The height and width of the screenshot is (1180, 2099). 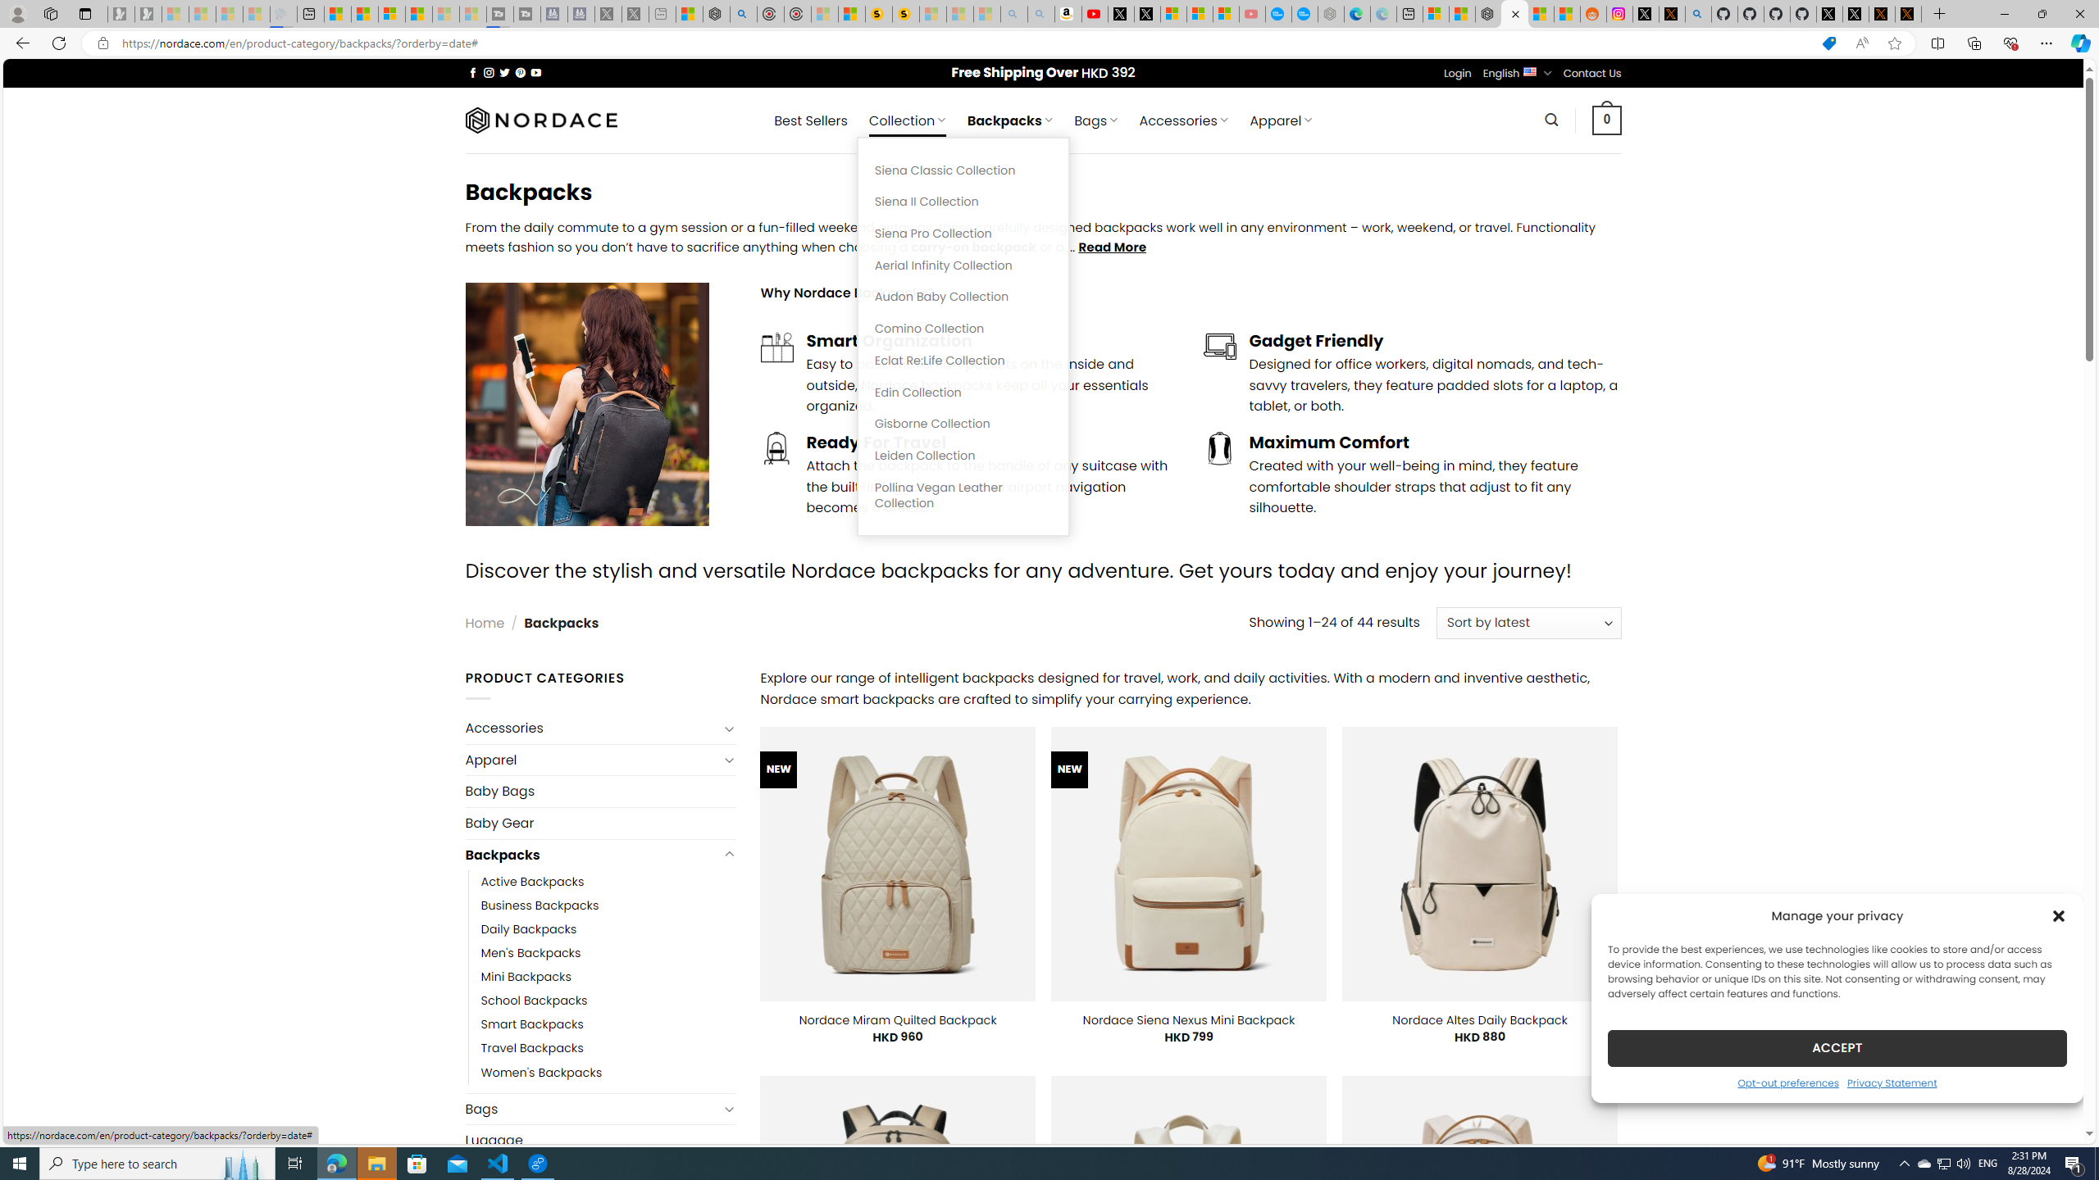 I want to click on 'Siena Pro Collection', so click(x=963, y=233).